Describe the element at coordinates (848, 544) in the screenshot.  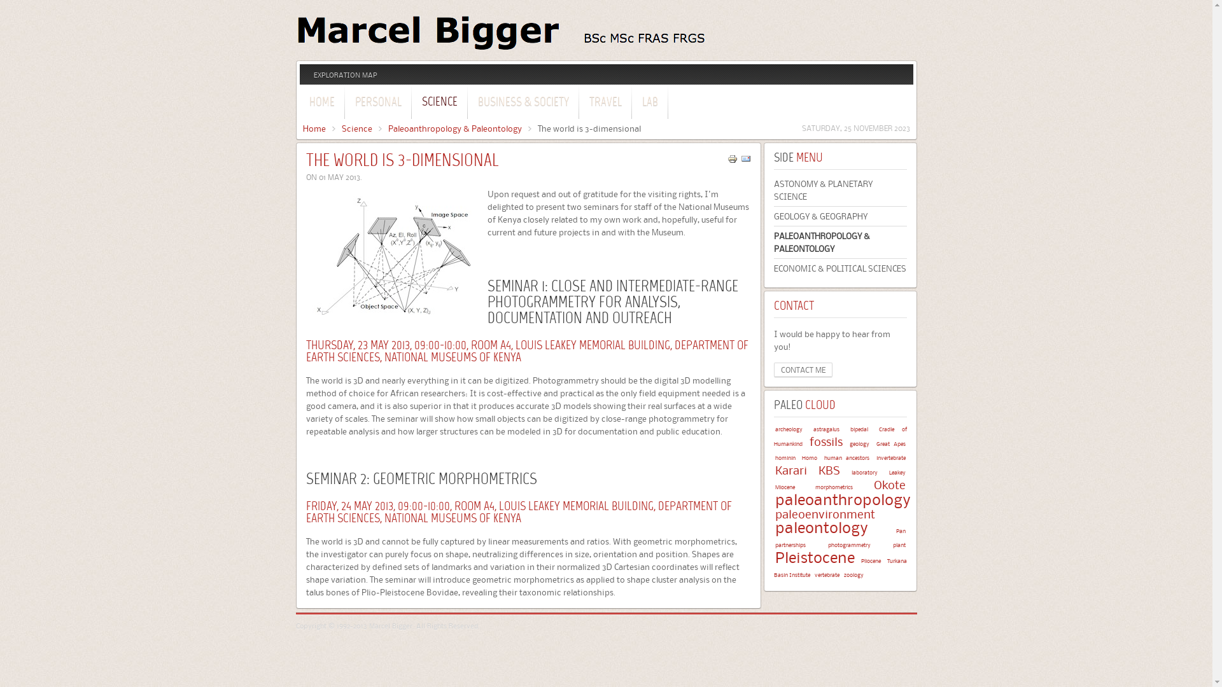
I see `'photogrammetry'` at that location.